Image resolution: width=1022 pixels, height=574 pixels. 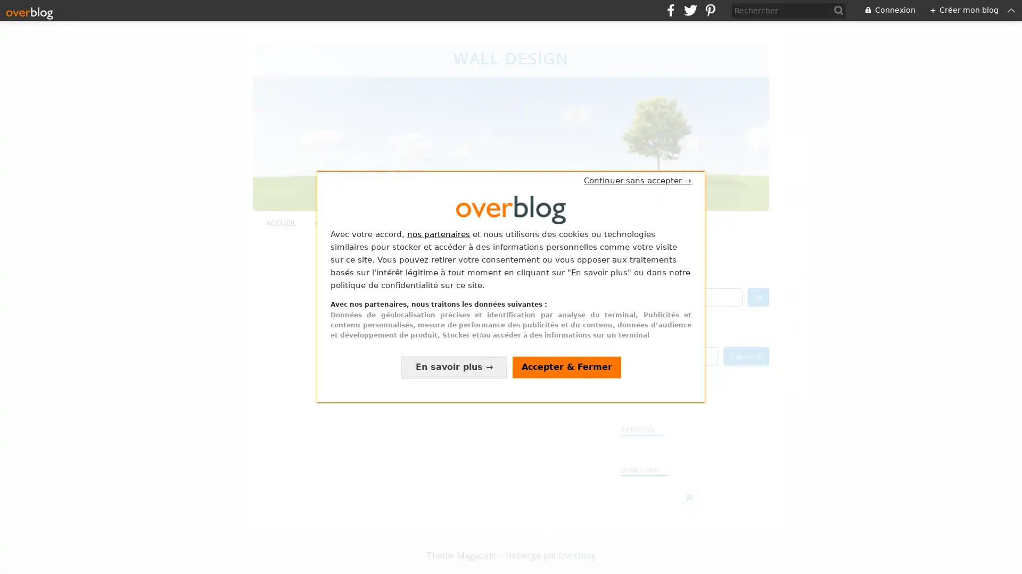 What do you see at coordinates (566, 366) in the screenshot?
I see `Accepter notre traitement des donnees et fermer` at bounding box center [566, 366].